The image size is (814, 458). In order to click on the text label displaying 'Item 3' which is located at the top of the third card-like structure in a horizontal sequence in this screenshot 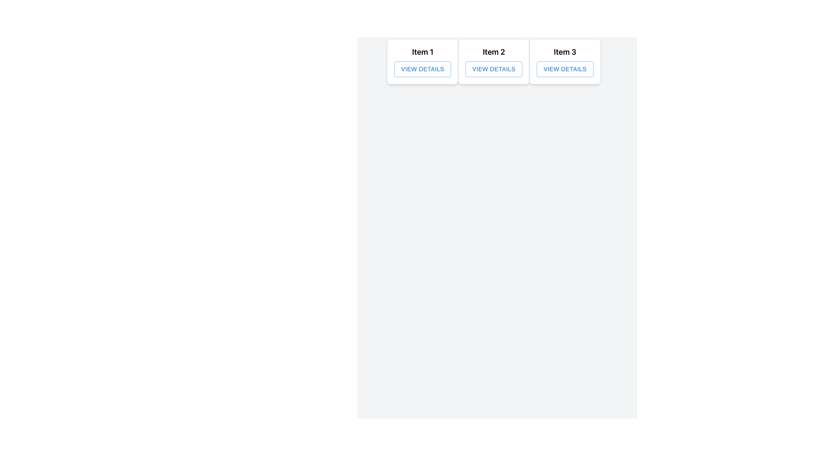, I will do `click(565, 52)`.